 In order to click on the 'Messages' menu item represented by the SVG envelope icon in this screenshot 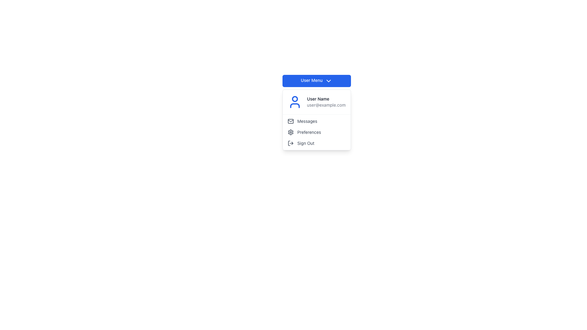, I will do `click(290, 121)`.